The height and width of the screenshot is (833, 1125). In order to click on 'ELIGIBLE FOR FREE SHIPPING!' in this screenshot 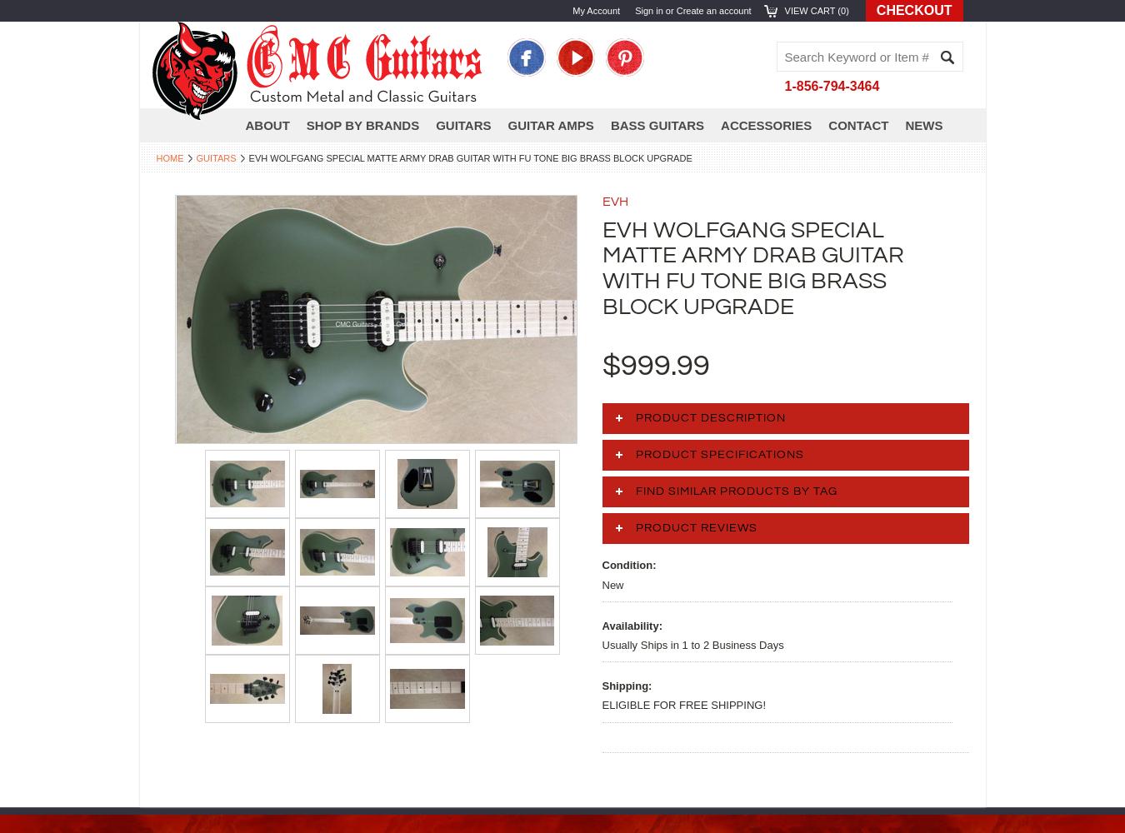, I will do `click(683, 704)`.